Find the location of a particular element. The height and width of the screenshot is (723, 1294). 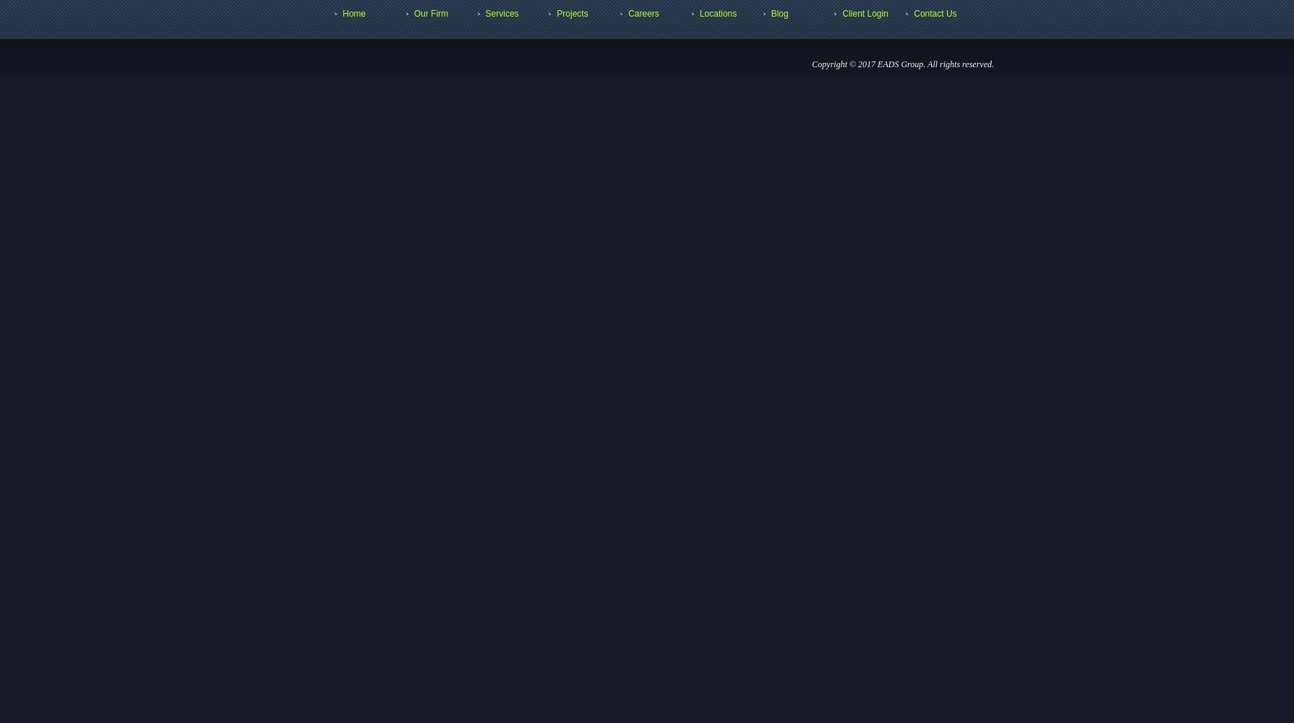

'Contact Us' is located at coordinates (935, 14).